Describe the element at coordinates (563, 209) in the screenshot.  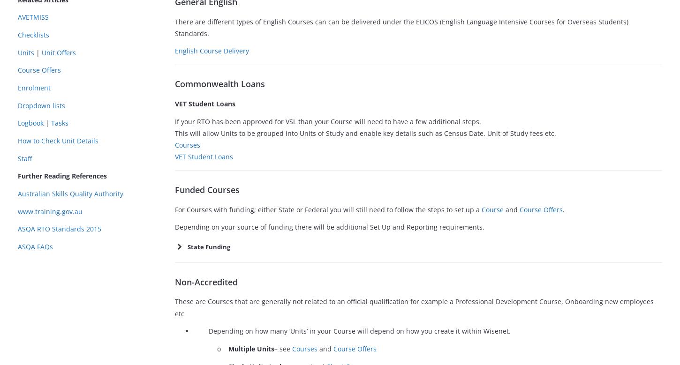
I see `'.'` at that location.